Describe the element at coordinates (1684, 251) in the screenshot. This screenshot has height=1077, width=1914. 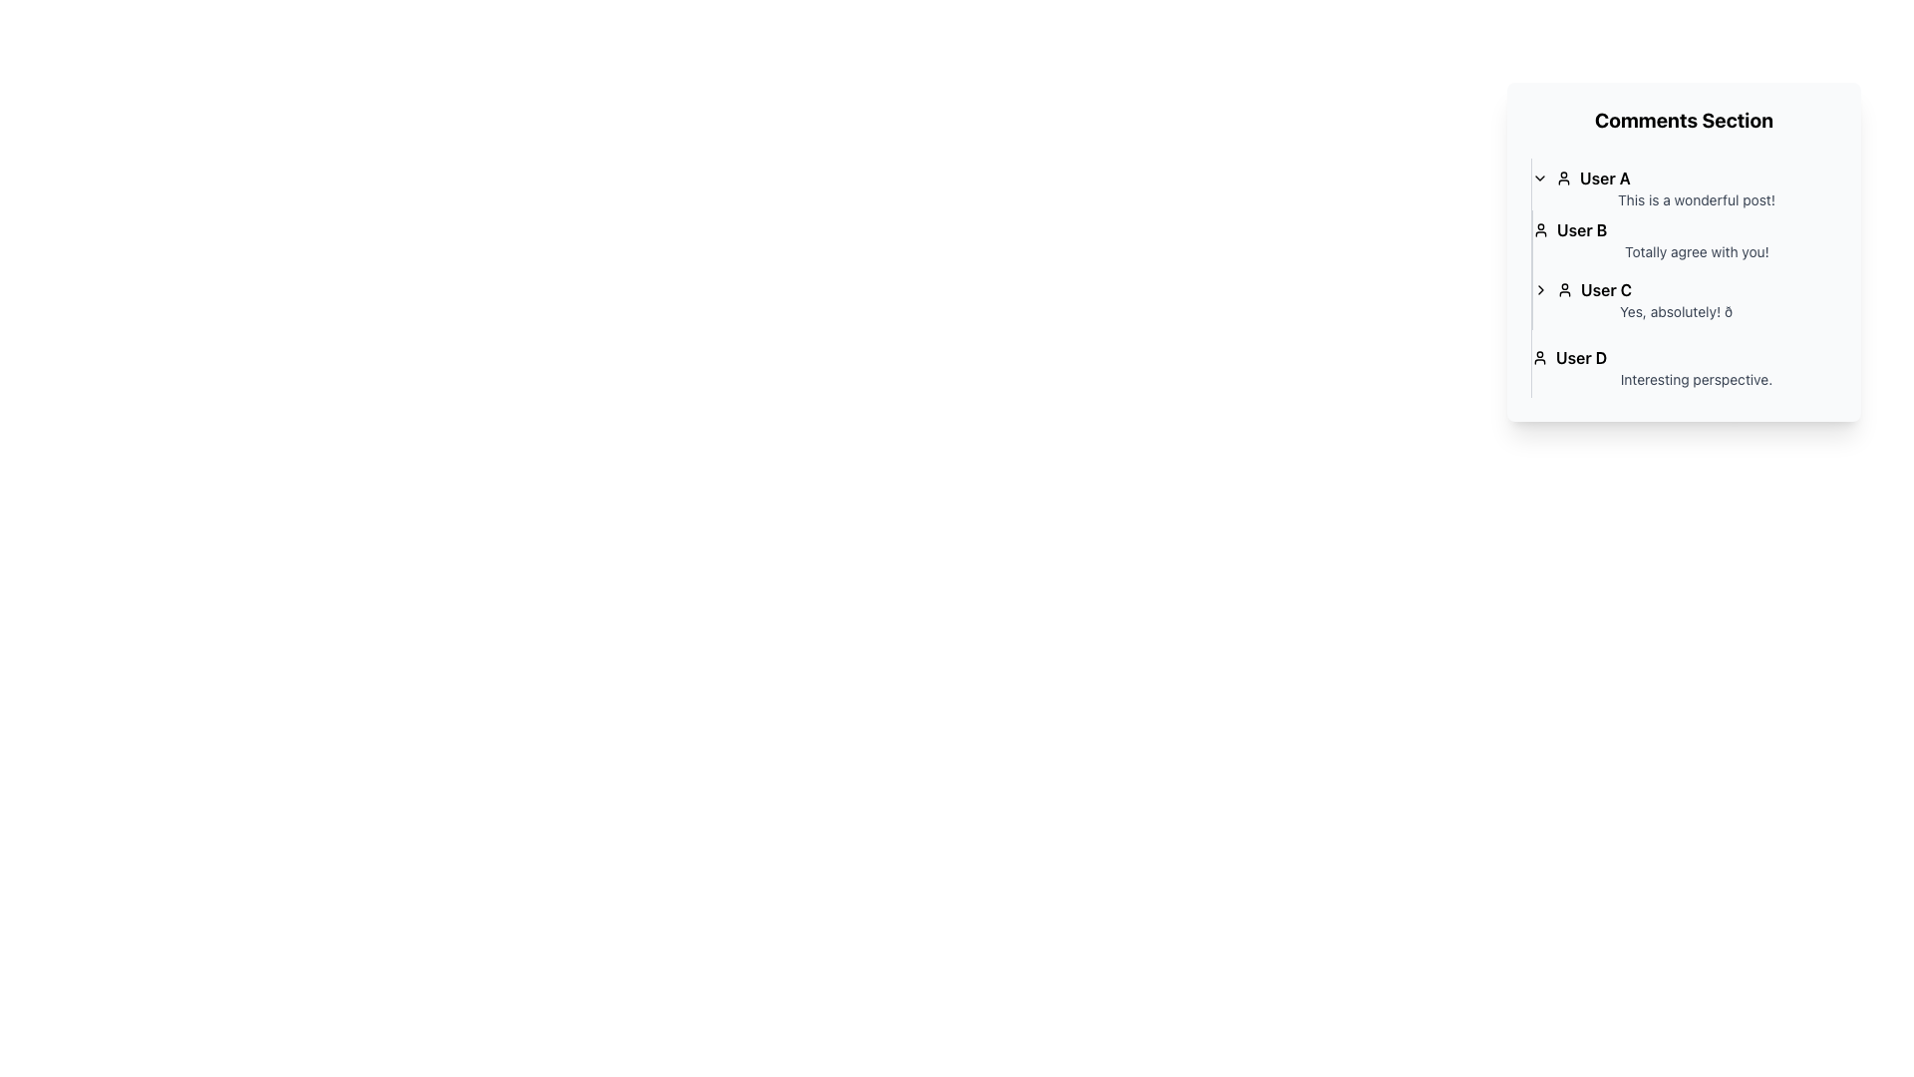
I see `text content of the comment labeled 'Totally agree with you!' from User B, which is located in the comments section beneath User B's username and icon` at that location.